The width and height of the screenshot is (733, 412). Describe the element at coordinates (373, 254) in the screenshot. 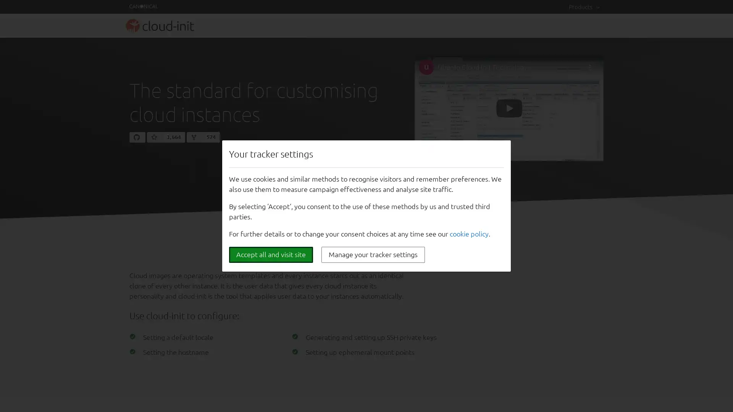

I see `Manage your tracker settings` at that location.